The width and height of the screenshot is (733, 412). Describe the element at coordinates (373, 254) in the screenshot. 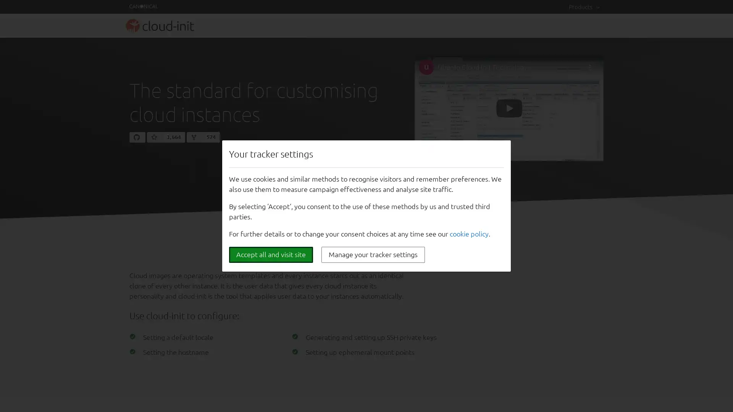

I see `Manage your tracker settings` at that location.